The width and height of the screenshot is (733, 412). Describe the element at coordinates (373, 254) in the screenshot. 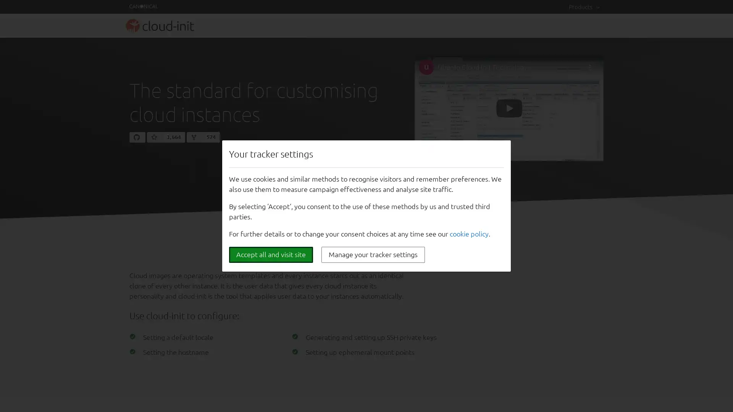

I see `Manage your tracker settings` at that location.